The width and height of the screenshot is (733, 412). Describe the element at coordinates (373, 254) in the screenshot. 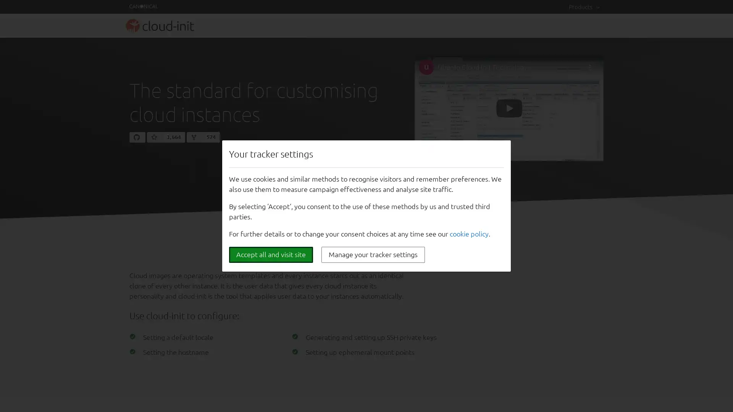

I see `Manage your tracker settings` at that location.